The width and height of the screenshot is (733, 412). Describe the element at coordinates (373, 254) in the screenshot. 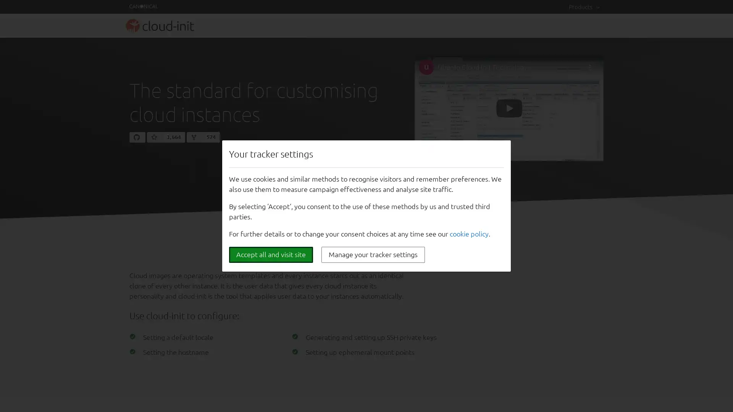

I see `Manage your tracker settings` at that location.